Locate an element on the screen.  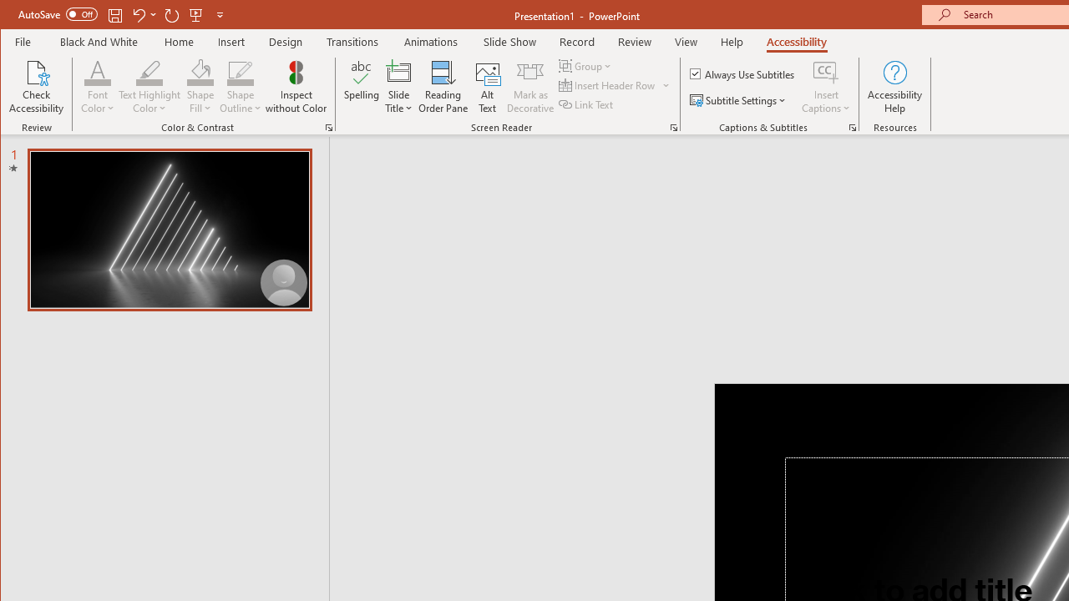
'Always Use Subtitles' is located at coordinates (742, 73).